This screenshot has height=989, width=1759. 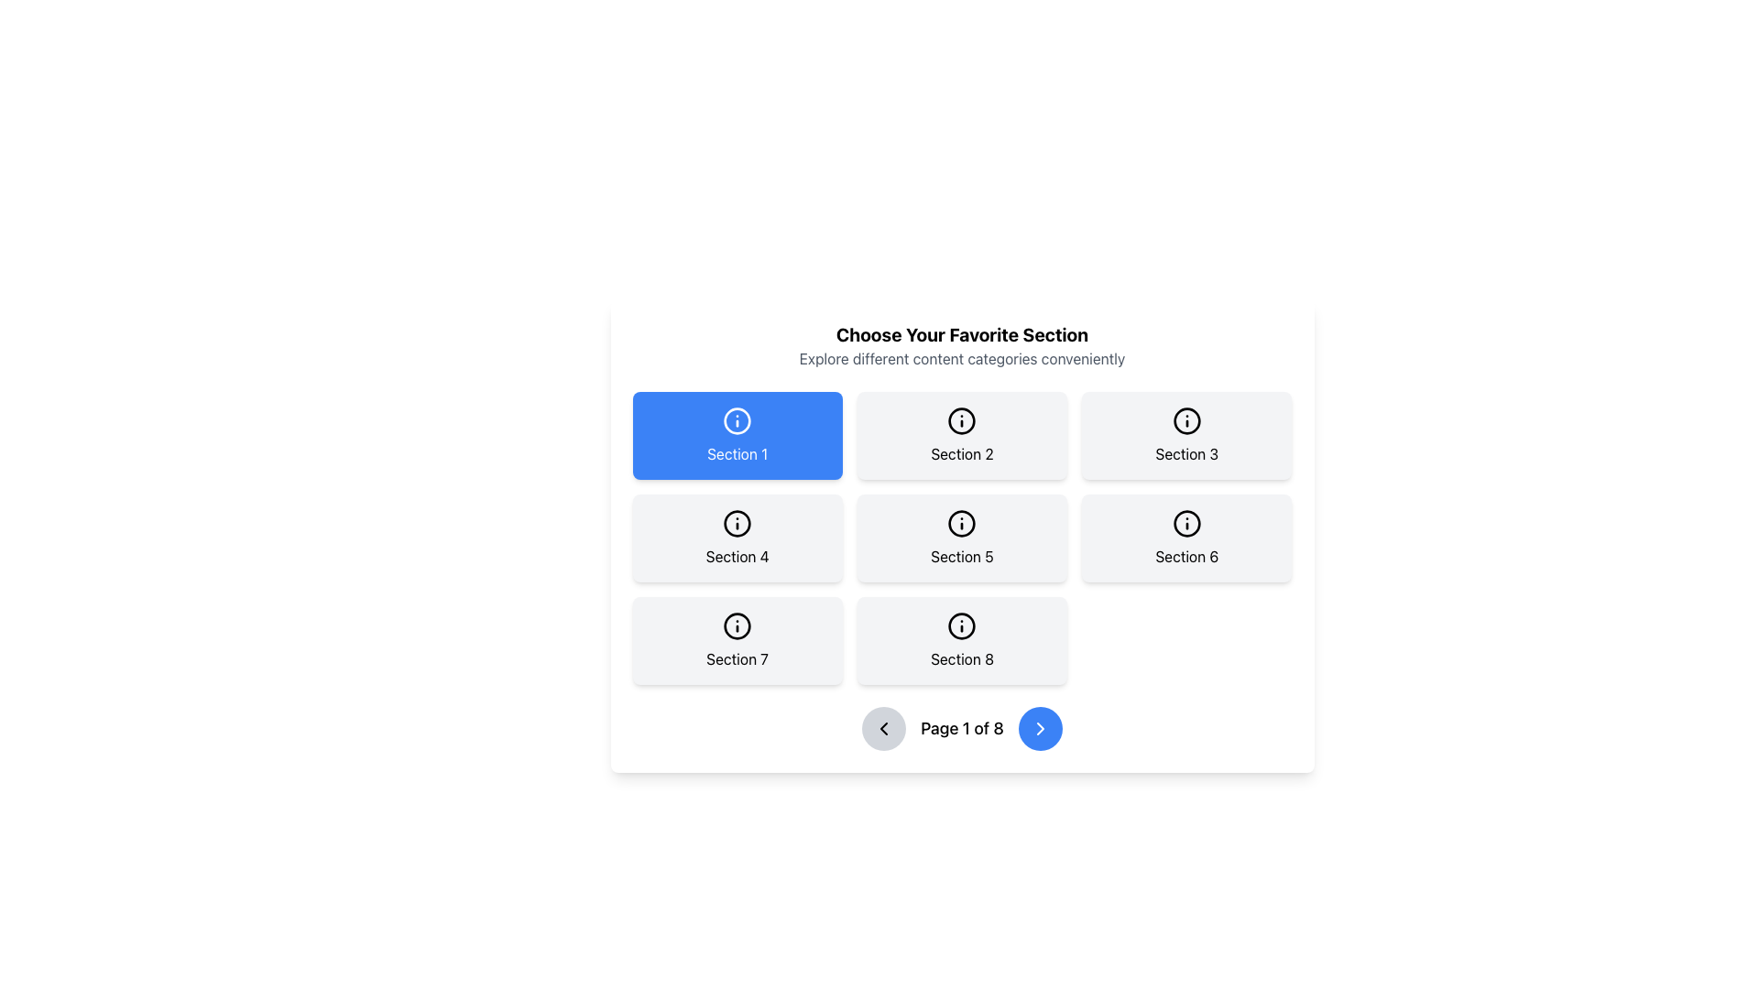 What do you see at coordinates (961, 359) in the screenshot?
I see `the informational Label located horizontally centered below the 'Choose Your Favorite Section' header, which provides context for the section selection area` at bounding box center [961, 359].